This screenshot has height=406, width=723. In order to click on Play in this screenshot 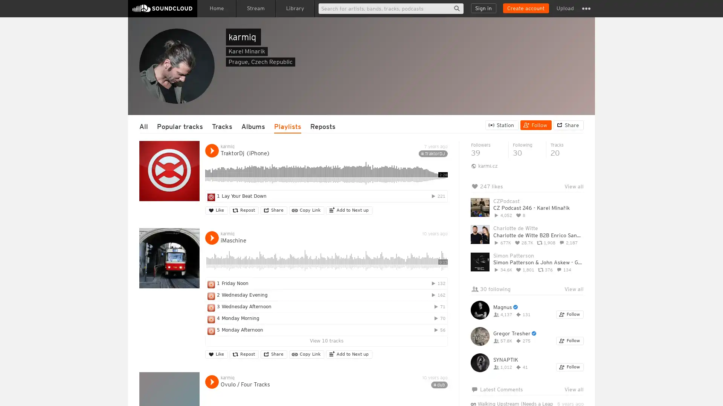, I will do `click(211, 382)`.